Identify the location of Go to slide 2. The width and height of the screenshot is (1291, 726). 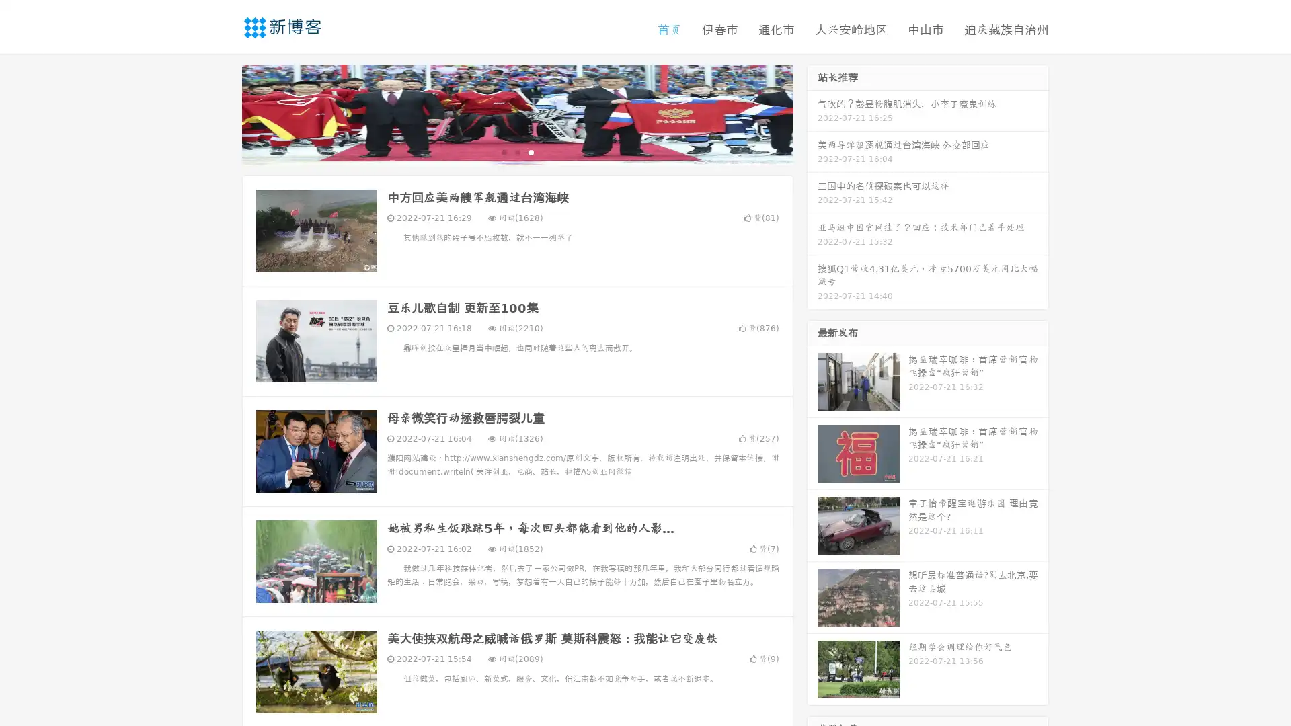
(516, 151).